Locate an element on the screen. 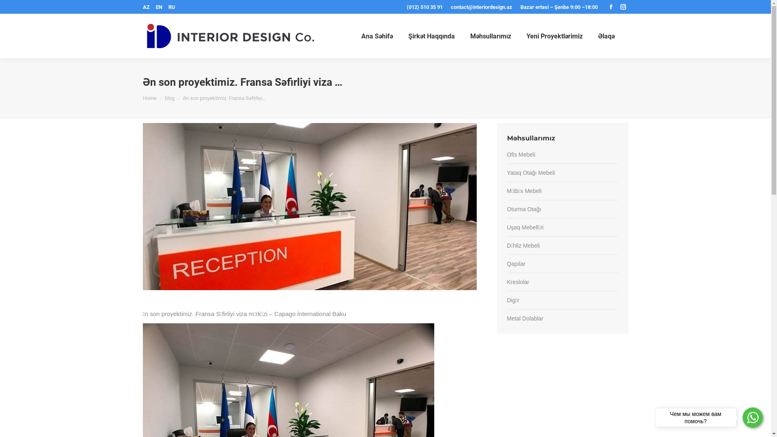 Image resolution: width=777 pixels, height=437 pixels. '34ecd16d.jpg' is located at coordinates (142, 206).